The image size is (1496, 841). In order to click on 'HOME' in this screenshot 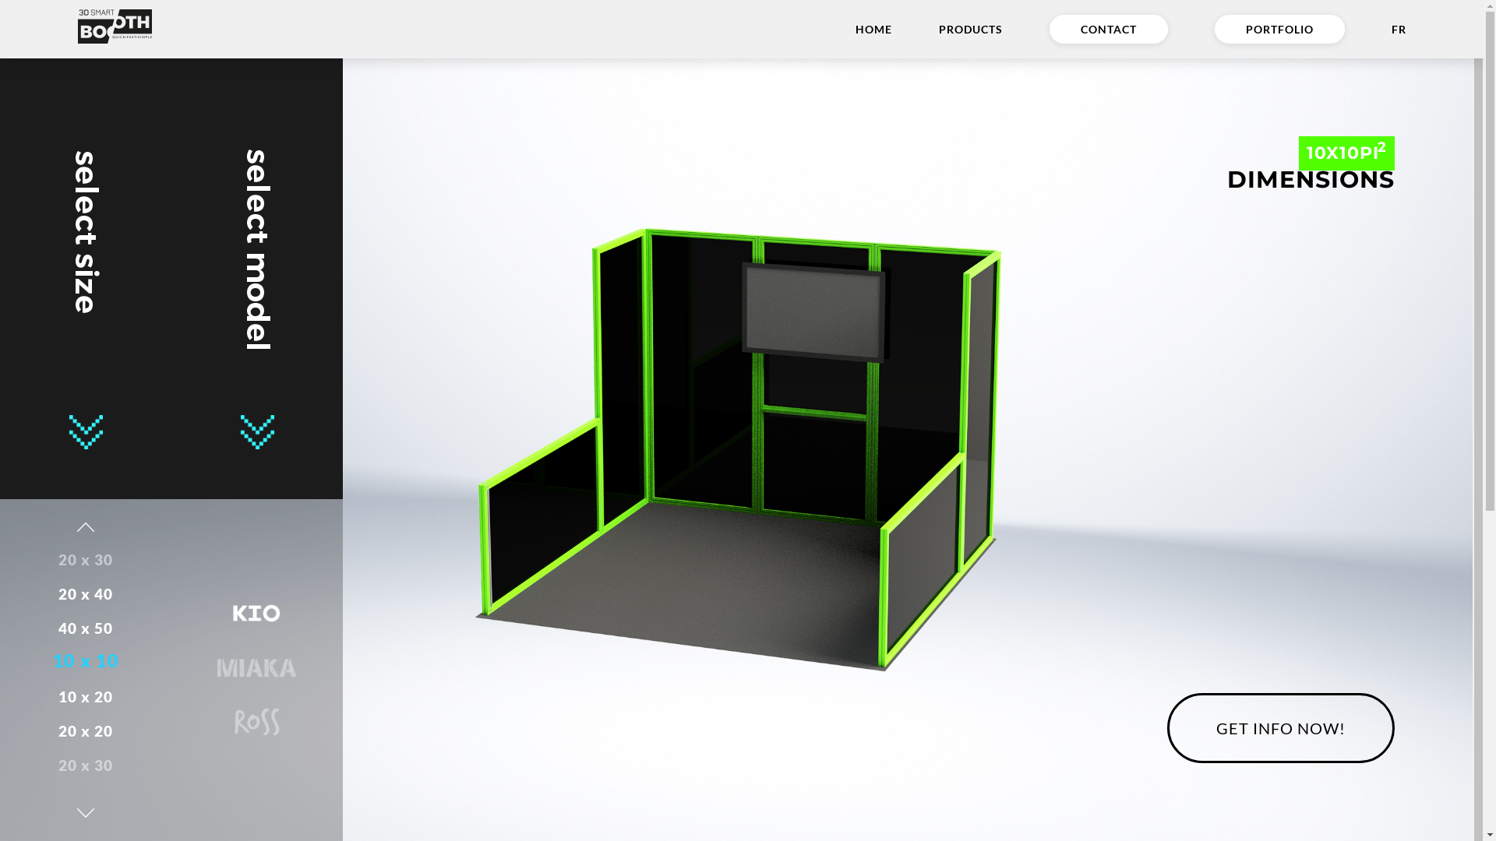, I will do `click(873, 29)`.